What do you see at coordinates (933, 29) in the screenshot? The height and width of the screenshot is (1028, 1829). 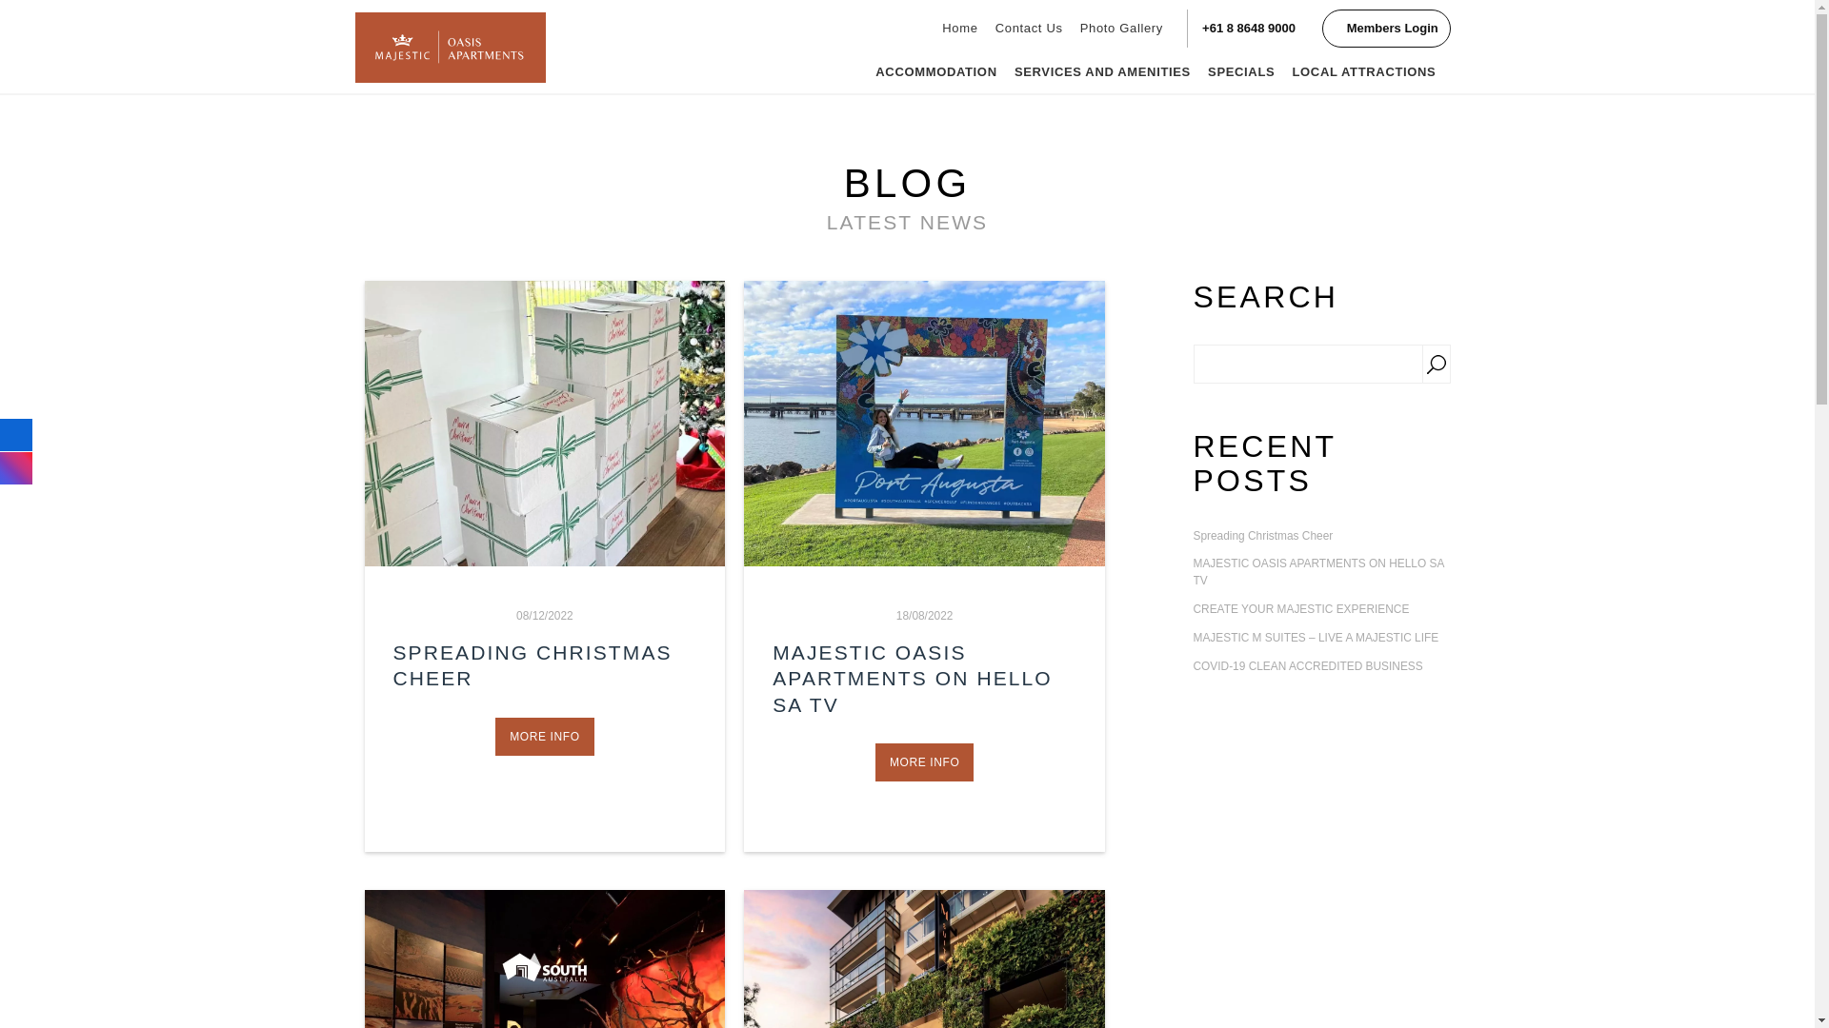 I see `'Home'` at bounding box center [933, 29].